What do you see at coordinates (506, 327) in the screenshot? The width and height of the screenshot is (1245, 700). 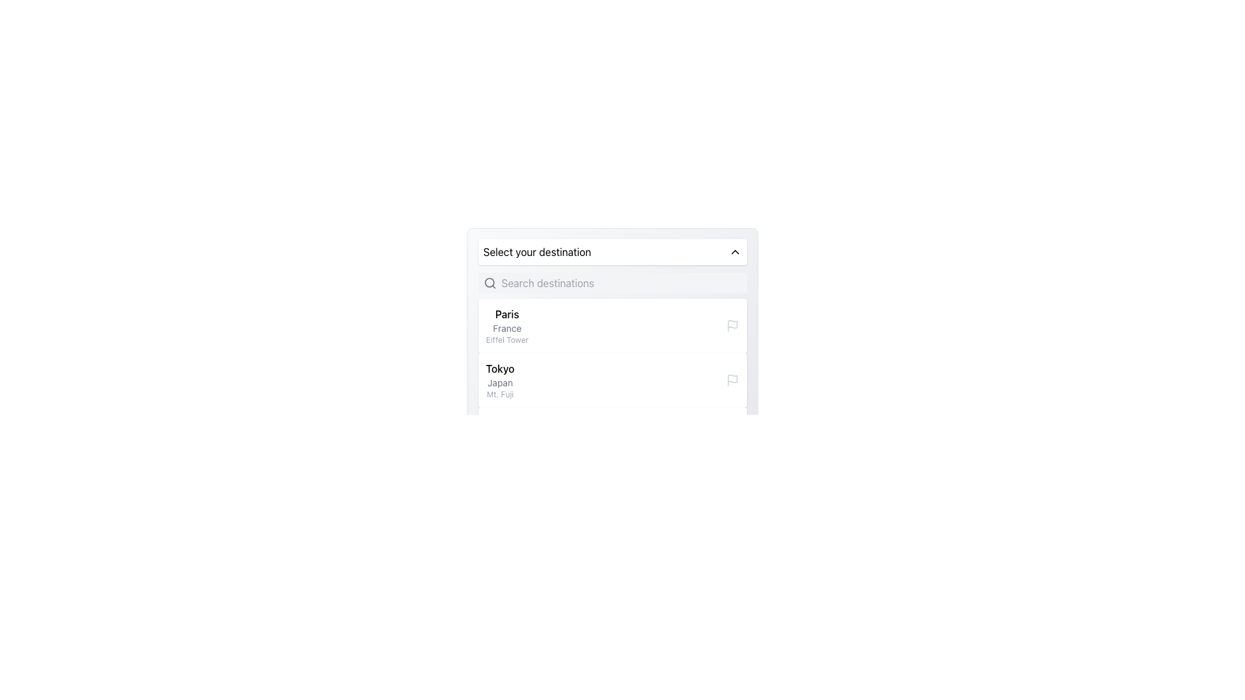 I see `the static text label displaying 'France', which is positioned below the 'Paris' label and above 'Eiffel Tower'` at bounding box center [506, 327].